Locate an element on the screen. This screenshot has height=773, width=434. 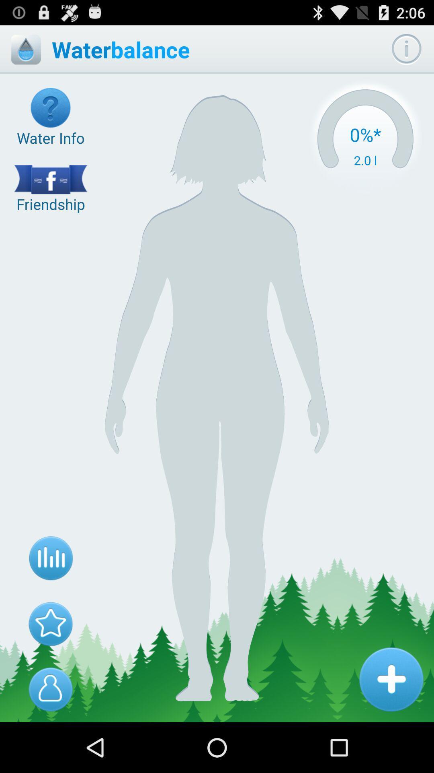
favorite is located at coordinates (51, 623).